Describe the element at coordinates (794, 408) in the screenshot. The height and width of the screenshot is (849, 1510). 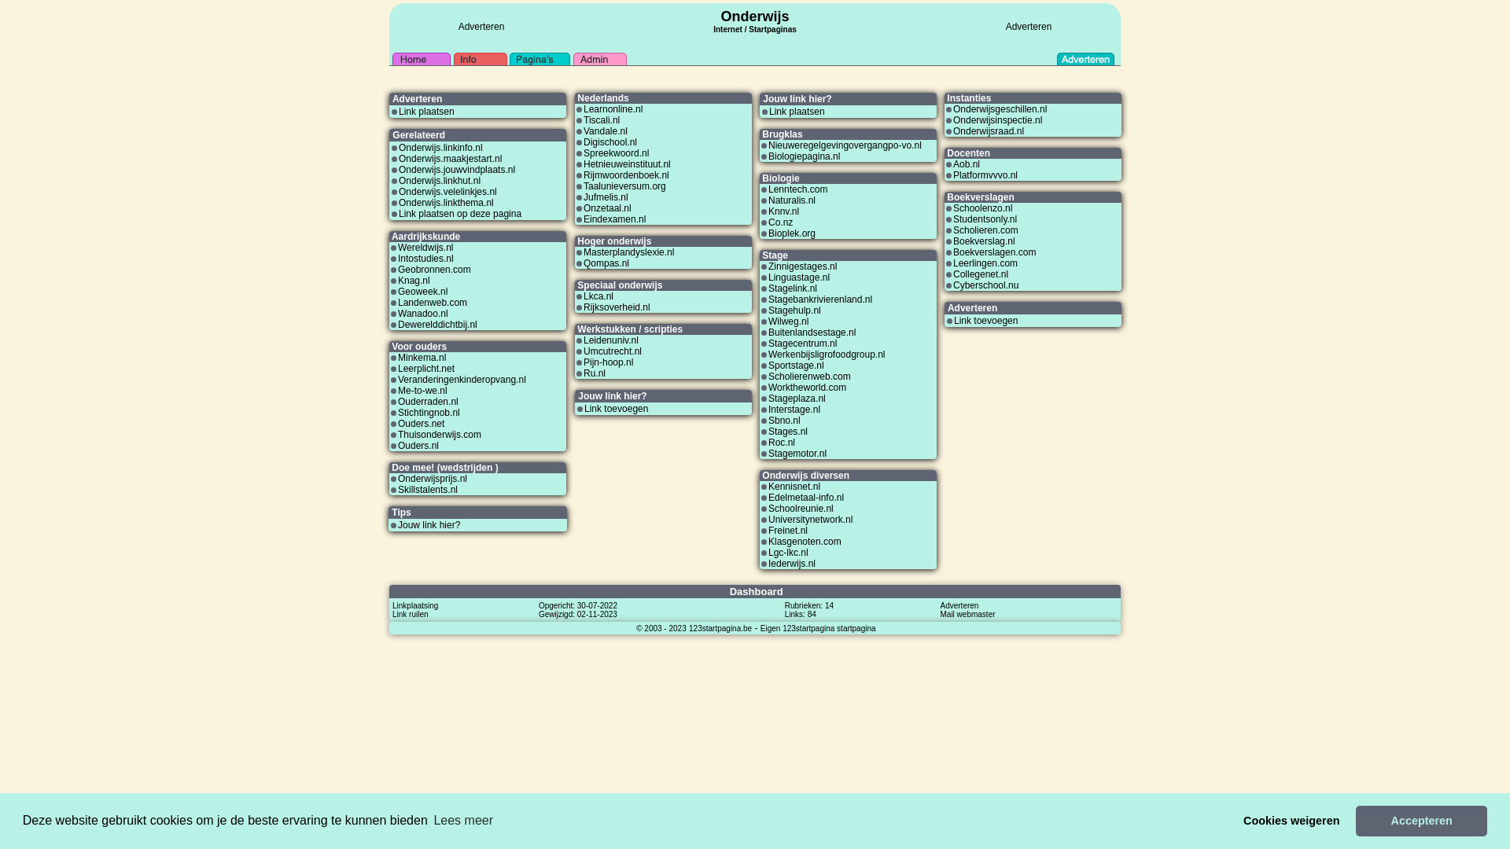
I see `'Interstage.nl'` at that location.